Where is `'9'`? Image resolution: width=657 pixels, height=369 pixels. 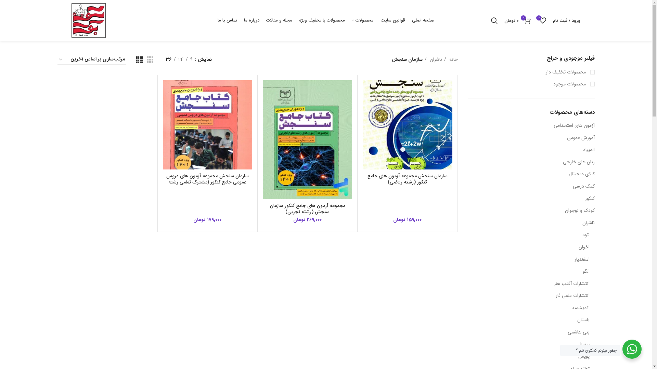 '9' is located at coordinates (191, 59).